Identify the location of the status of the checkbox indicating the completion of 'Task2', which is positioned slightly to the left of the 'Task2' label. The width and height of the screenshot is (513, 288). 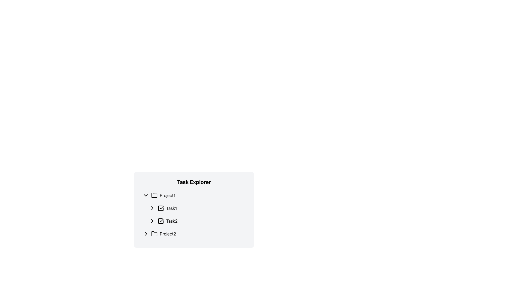
(160, 221).